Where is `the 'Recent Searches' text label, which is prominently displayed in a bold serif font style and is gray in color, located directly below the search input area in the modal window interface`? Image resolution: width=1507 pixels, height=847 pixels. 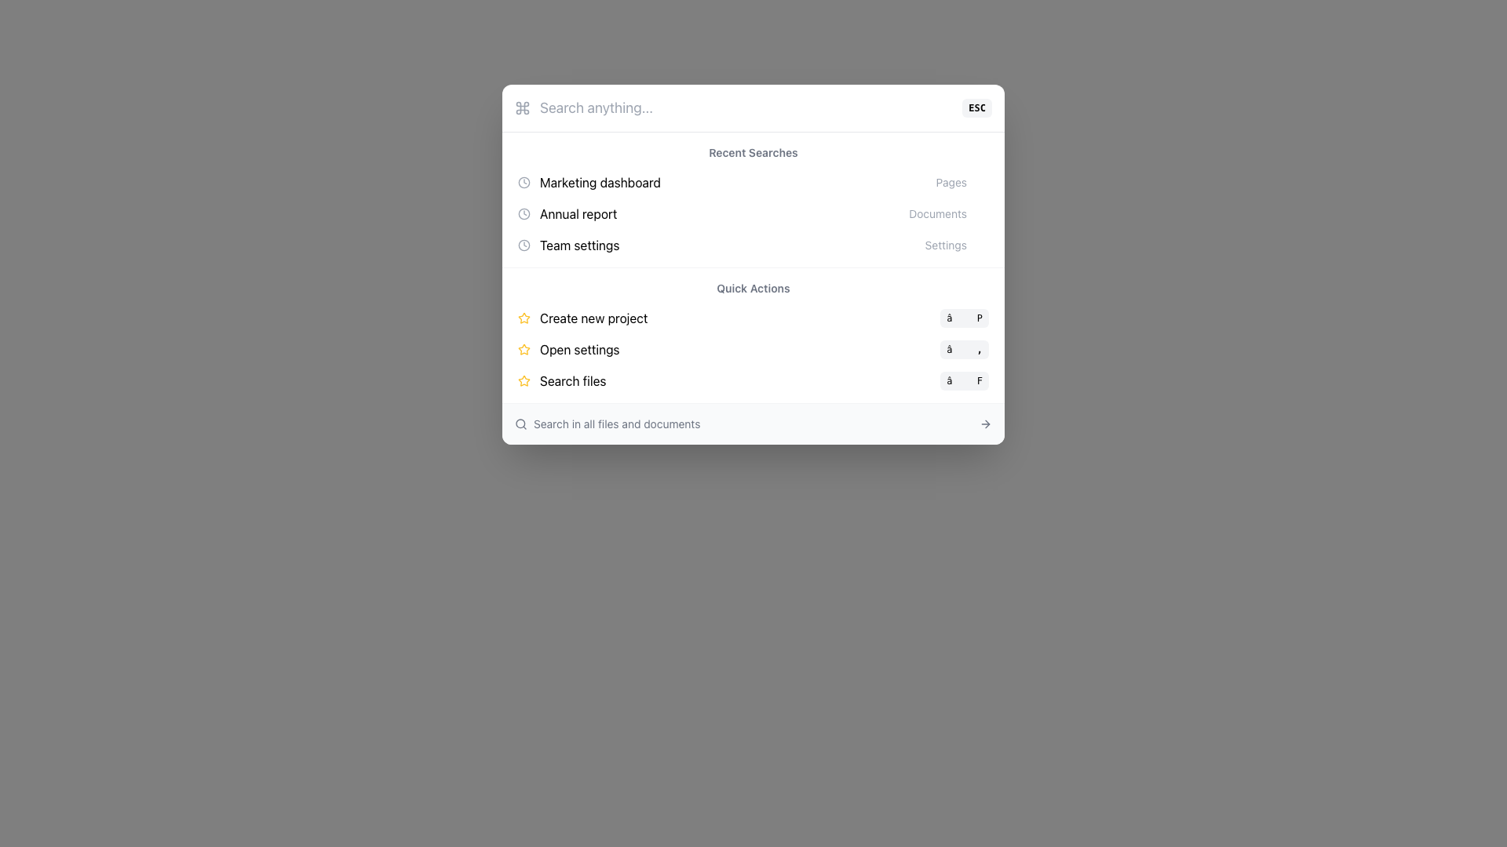 the 'Recent Searches' text label, which is prominently displayed in a bold serif font style and is gray in color, located directly below the search input area in the modal window interface is located at coordinates (753, 153).